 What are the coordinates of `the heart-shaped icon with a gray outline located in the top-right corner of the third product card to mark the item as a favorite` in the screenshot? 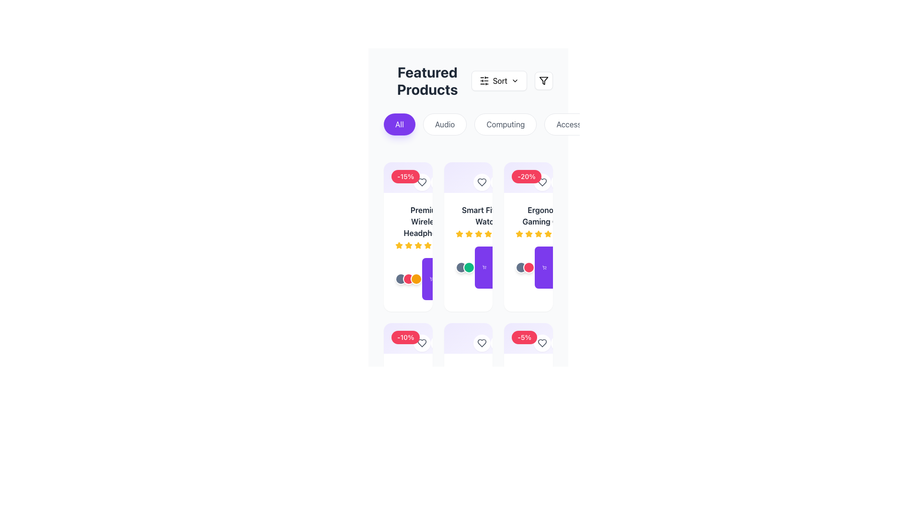 It's located at (482, 182).